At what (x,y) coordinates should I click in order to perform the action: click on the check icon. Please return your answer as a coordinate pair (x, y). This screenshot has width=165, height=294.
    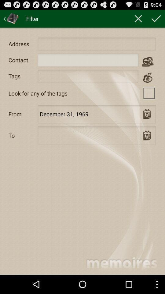
    Looking at the image, I should click on (156, 20).